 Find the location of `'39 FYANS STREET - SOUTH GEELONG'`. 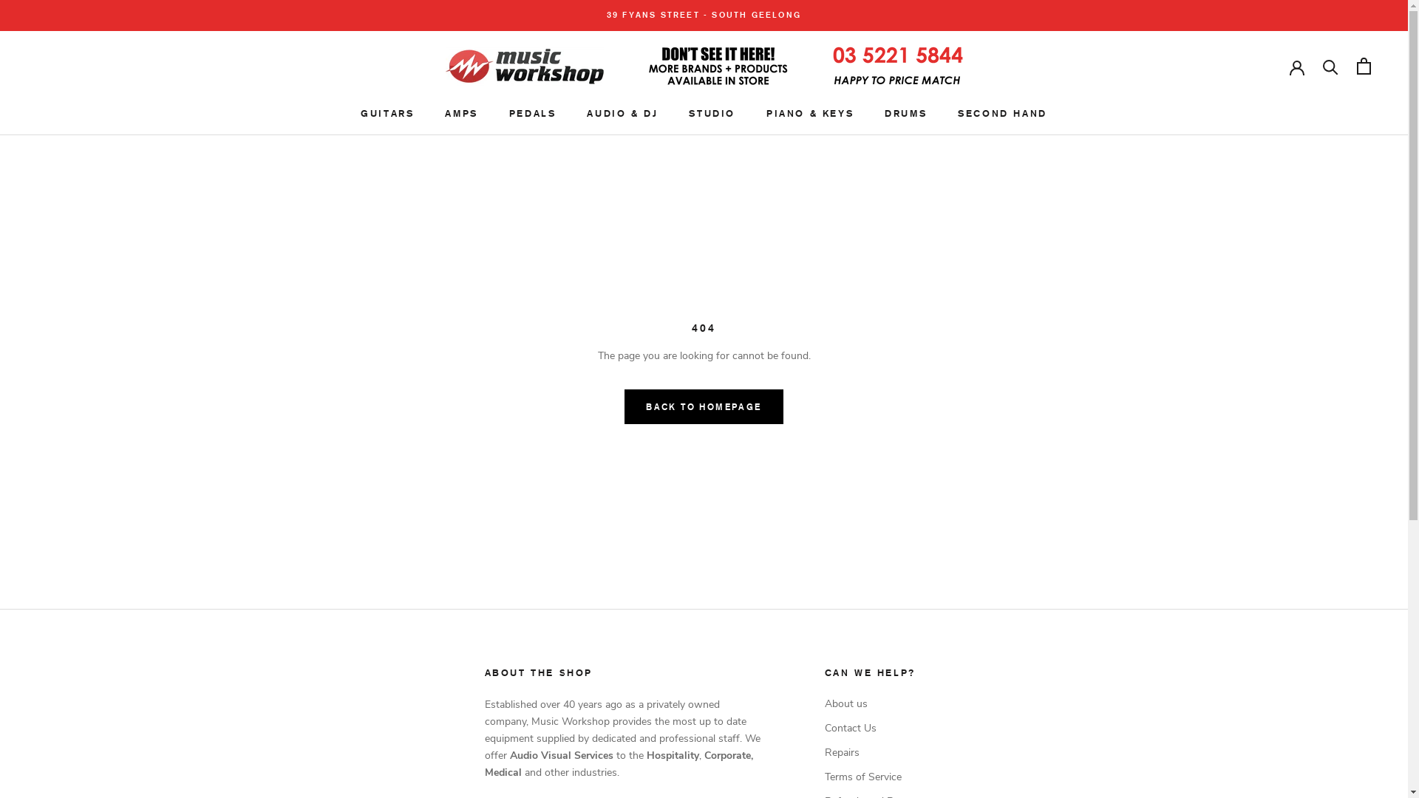

'39 FYANS STREET - SOUTH GEELONG' is located at coordinates (703, 15).